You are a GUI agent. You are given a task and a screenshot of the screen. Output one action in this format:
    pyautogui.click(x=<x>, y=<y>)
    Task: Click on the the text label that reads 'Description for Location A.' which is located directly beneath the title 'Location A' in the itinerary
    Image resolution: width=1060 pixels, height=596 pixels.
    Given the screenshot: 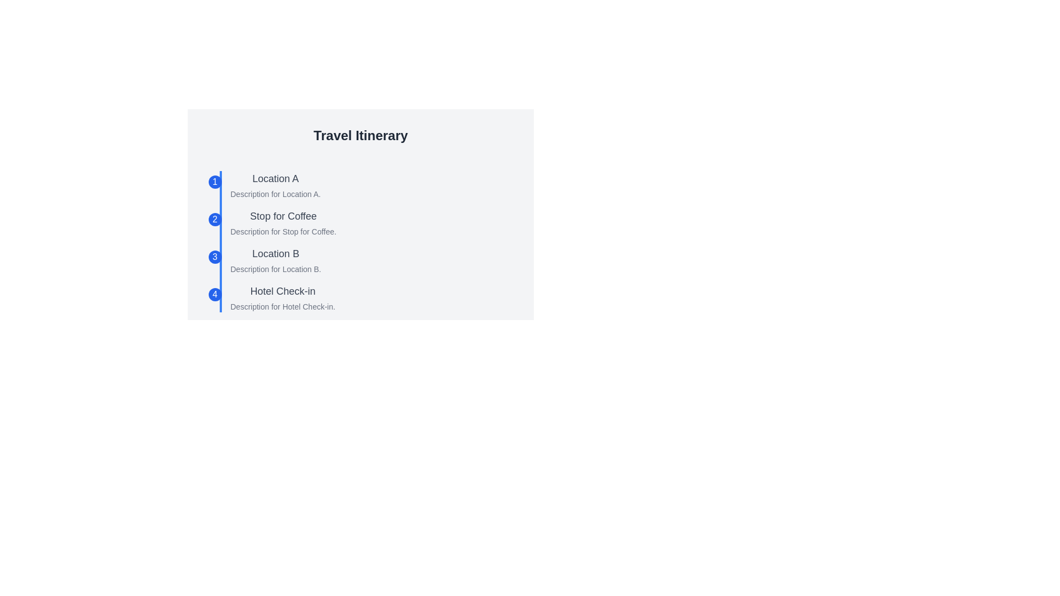 What is the action you would take?
    pyautogui.click(x=275, y=193)
    